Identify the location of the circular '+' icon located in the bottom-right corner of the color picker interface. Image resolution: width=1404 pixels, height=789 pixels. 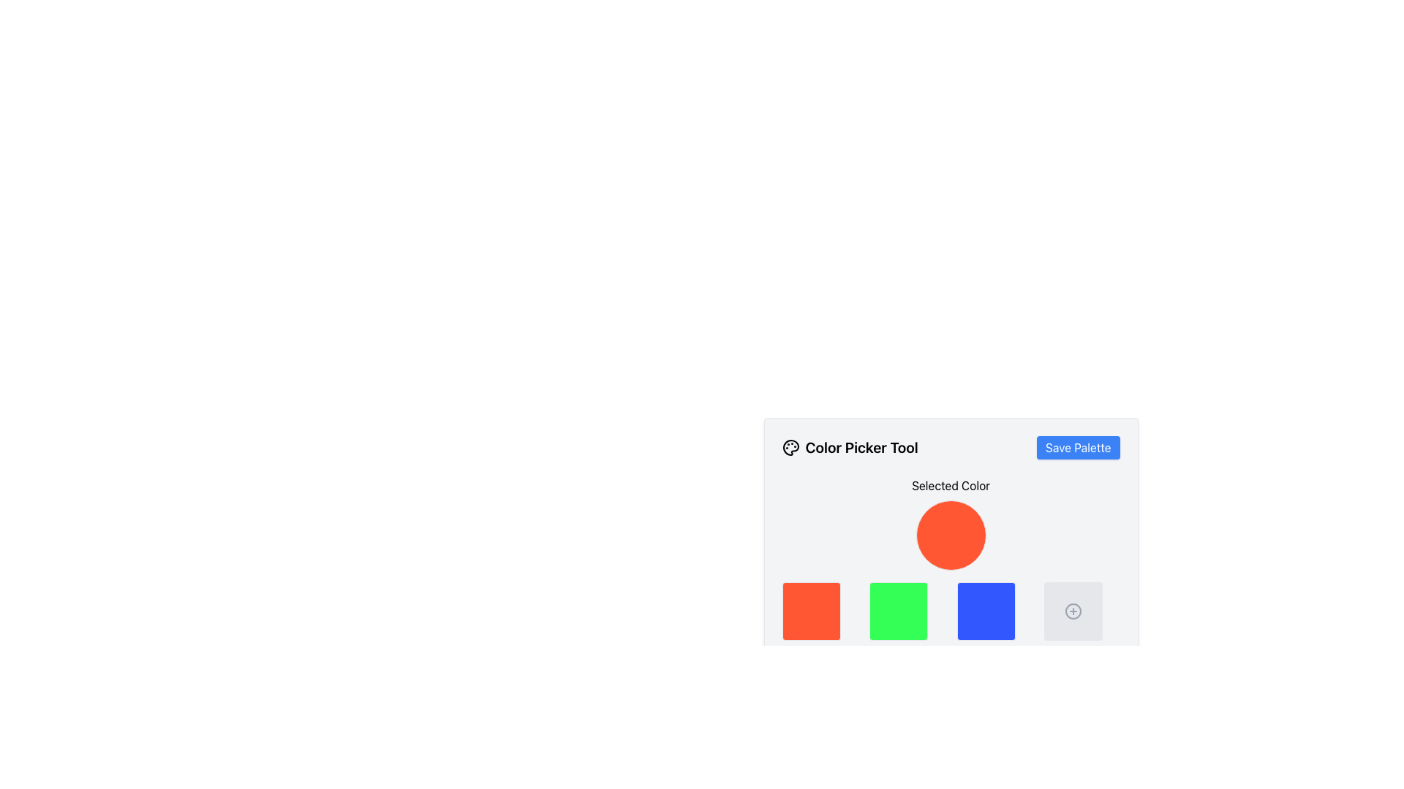
(1073, 611).